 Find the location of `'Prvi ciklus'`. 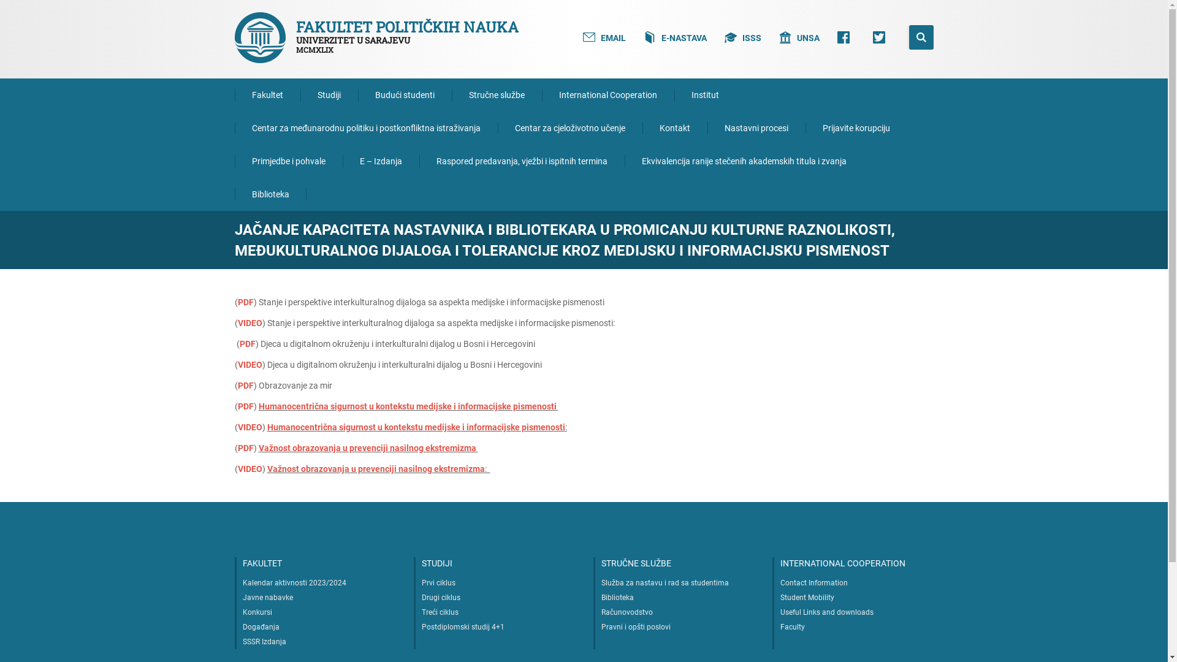

'Prvi ciklus' is located at coordinates (438, 582).